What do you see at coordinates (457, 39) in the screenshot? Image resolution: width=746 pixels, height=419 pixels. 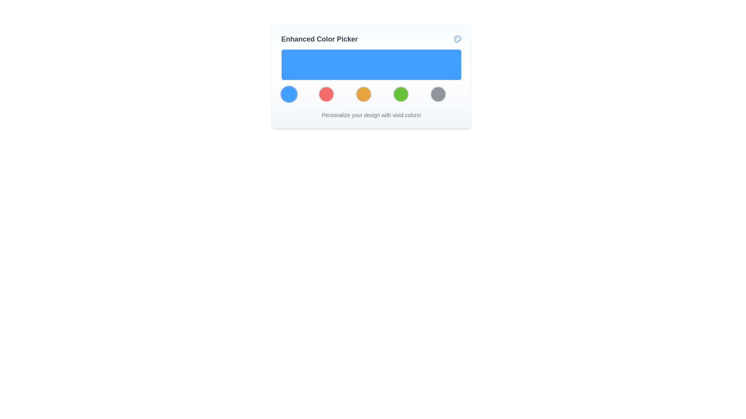 I see `the color palette icon located in the top-right corner of the interface` at bounding box center [457, 39].